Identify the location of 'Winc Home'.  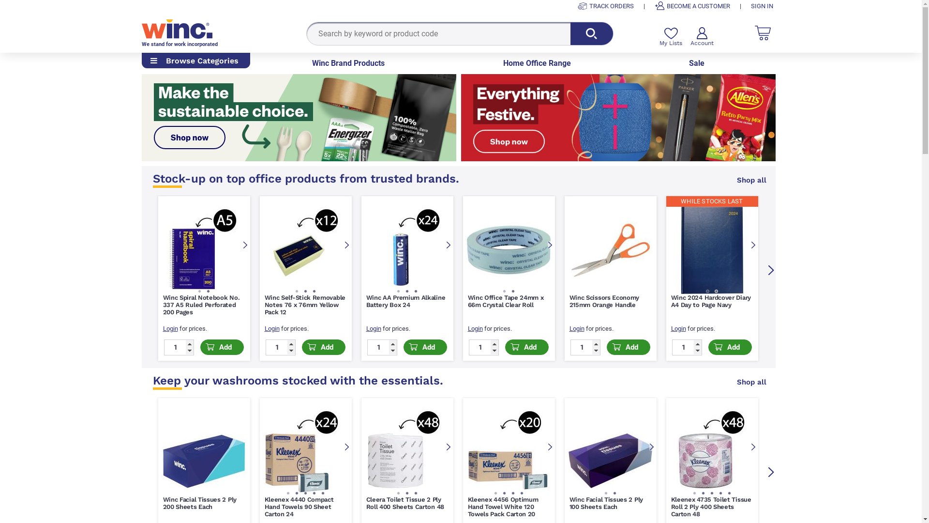
(176, 28).